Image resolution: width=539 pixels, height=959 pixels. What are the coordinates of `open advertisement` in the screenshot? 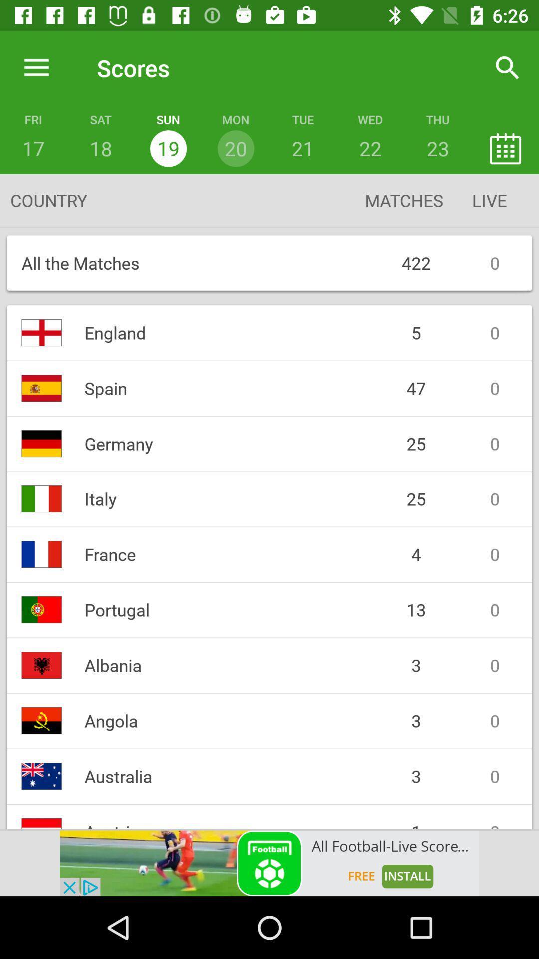 It's located at (269, 863).